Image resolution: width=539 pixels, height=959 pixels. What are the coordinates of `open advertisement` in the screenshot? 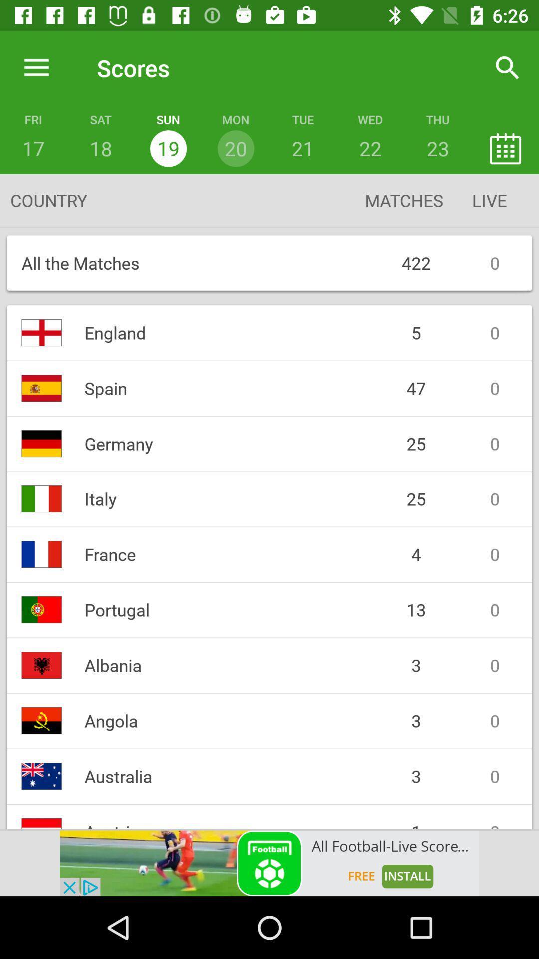 It's located at (269, 863).